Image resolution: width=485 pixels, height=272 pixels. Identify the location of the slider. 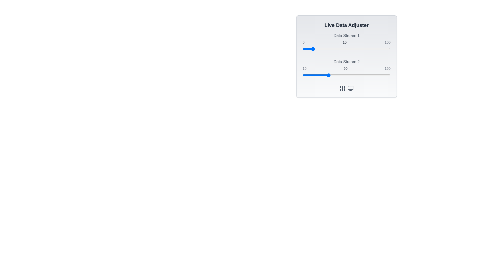
(365, 49).